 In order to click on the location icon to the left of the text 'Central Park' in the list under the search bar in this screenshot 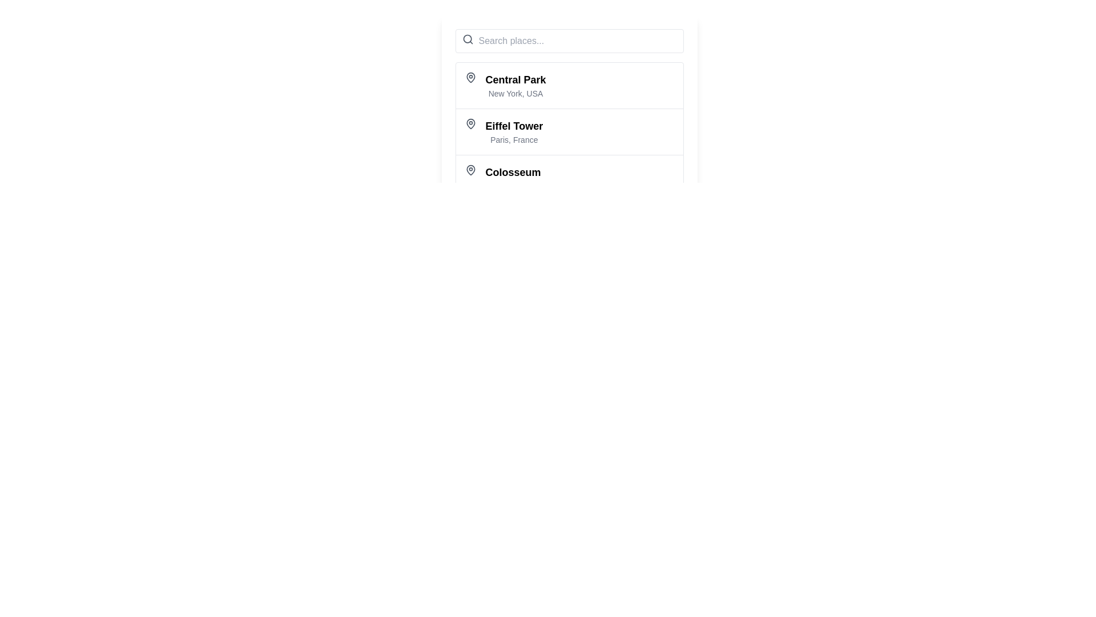, I will do `click(470, 77)`.